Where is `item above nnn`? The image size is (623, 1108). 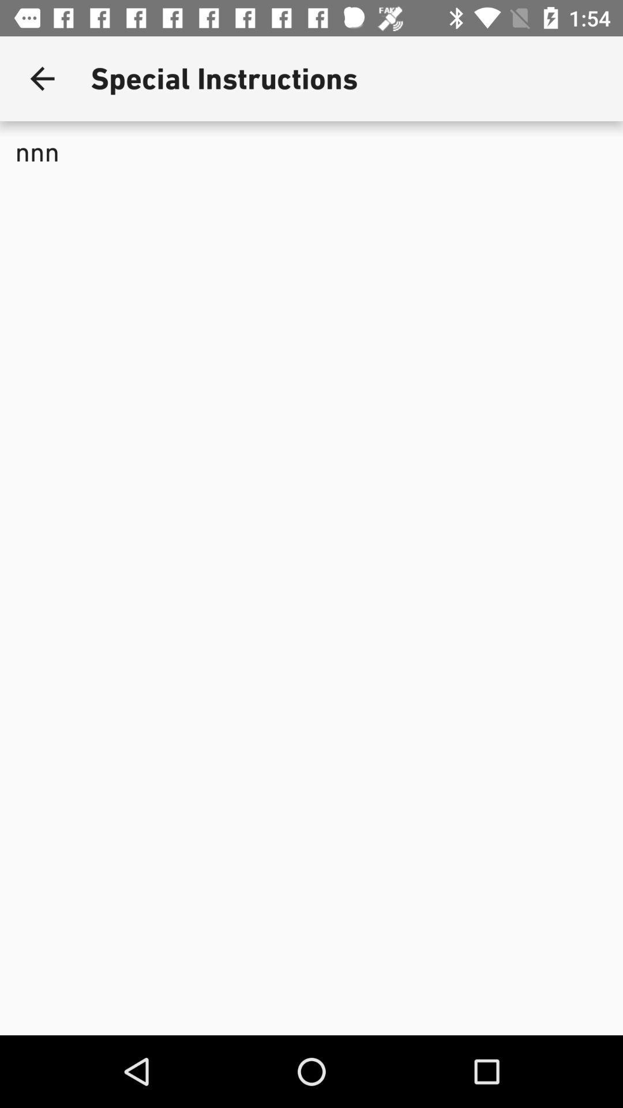 item above nnn is located at coordinates (42, 78).